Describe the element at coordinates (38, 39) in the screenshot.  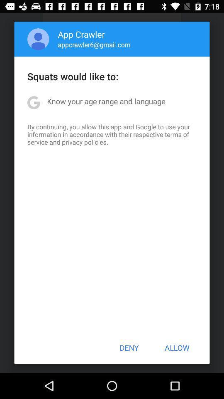
I see `icon above the squats would like` at that location.